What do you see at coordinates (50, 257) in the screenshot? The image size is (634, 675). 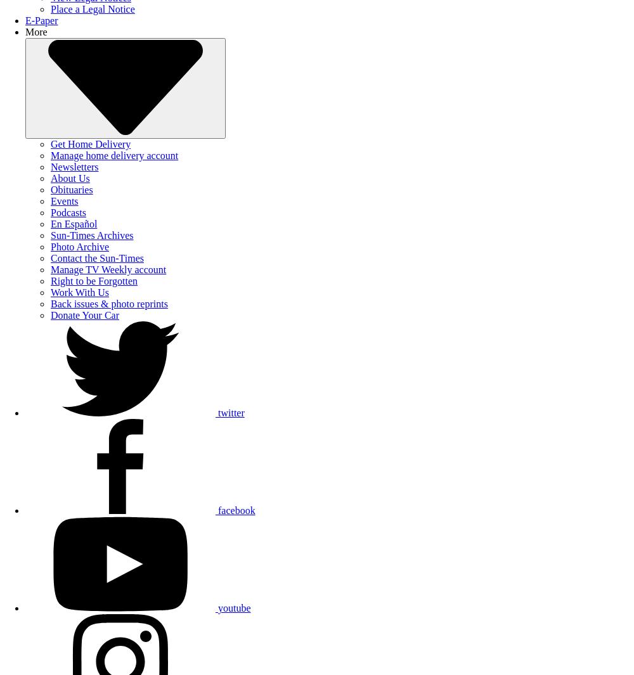 I see `'Contact the Sun-Times'` at bounding box center [50, 257].